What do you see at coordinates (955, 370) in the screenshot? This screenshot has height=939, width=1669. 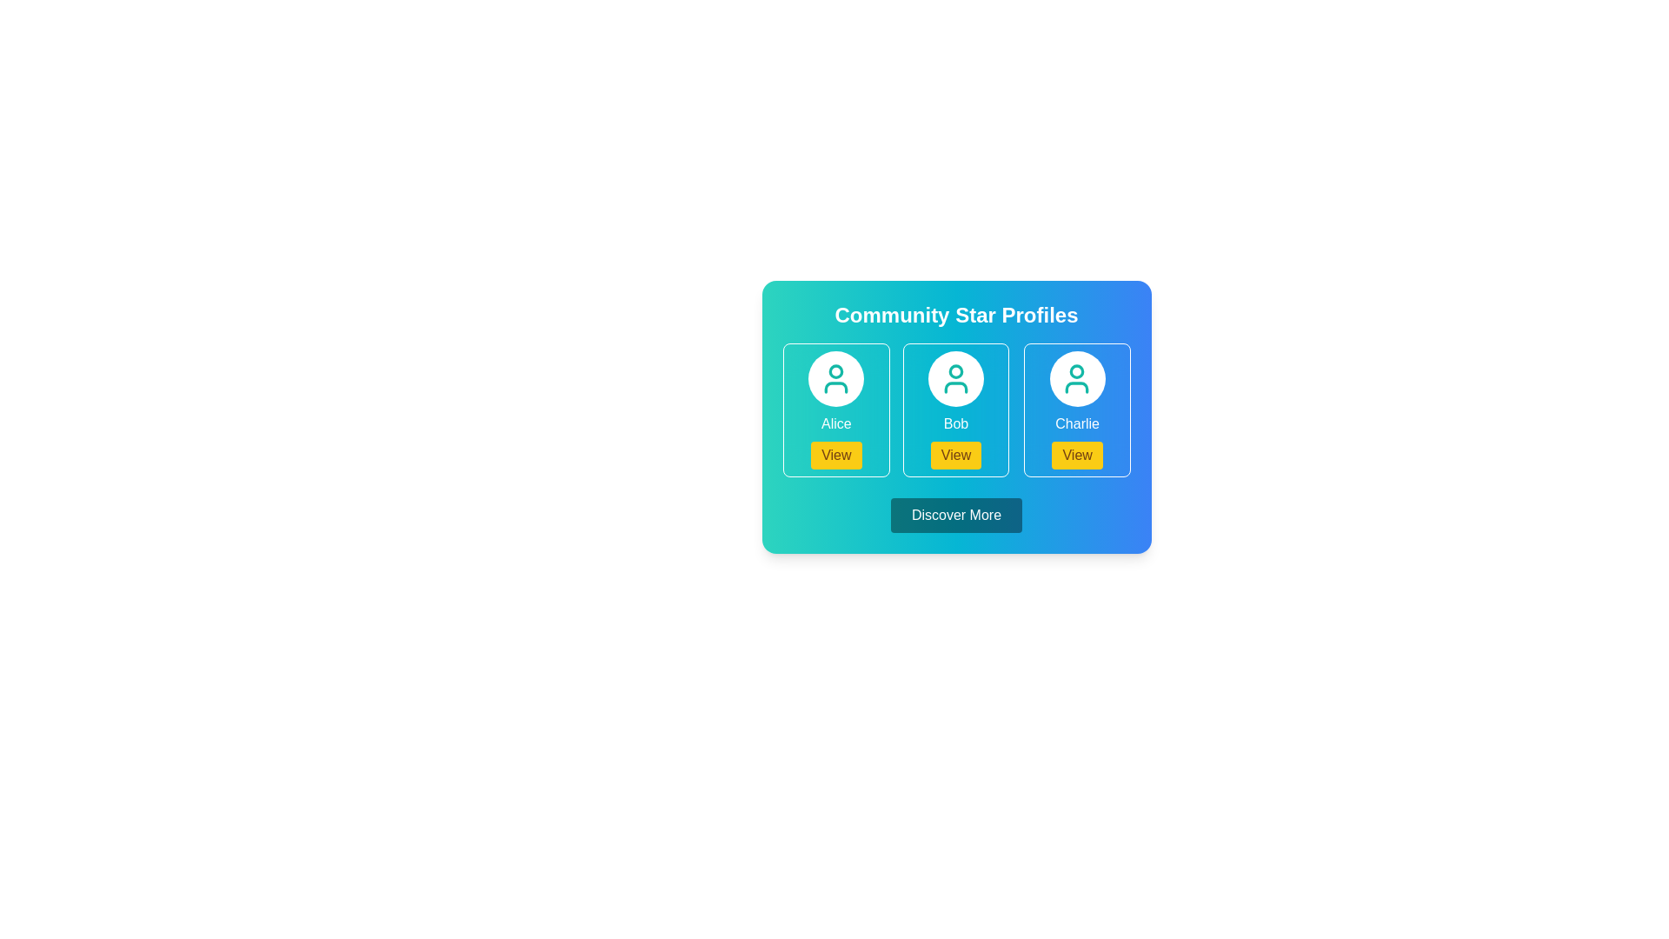 I see `the circular profile icon representing the user 'Bob' located in the middle profile section under 'Community Star Profiles'` at bounding box center [955, 370].